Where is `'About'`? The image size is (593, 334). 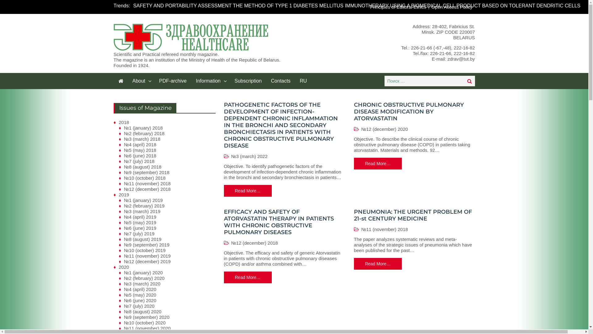
'About' is located at coordinates (141, 81).